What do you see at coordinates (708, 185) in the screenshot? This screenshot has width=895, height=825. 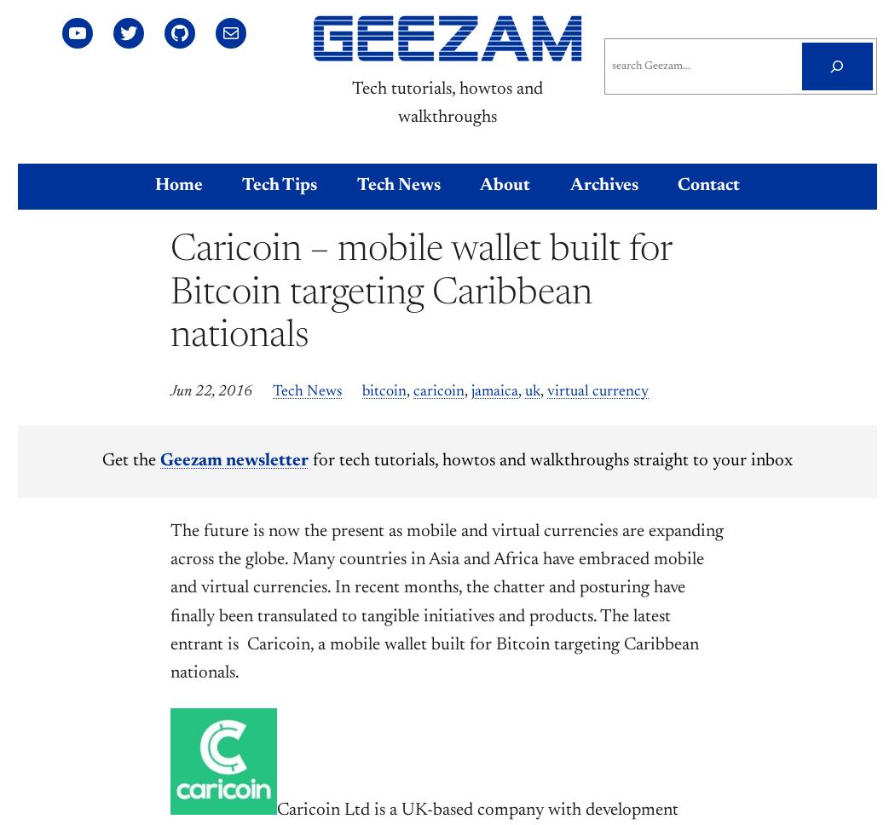 I see `'Contact'` at bounding box center [708, 185].